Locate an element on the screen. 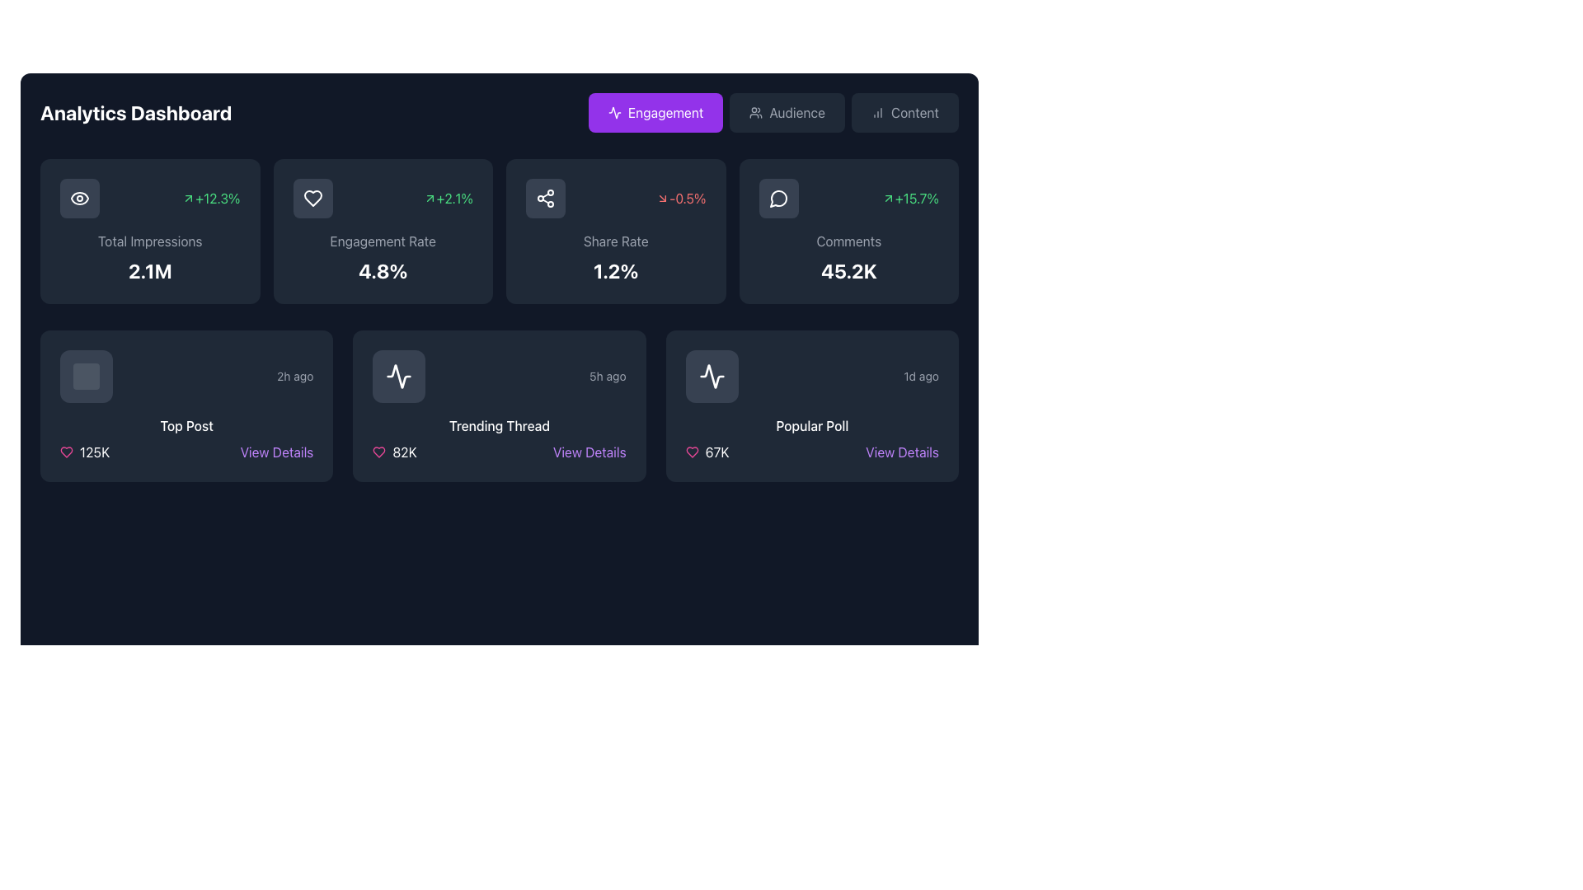 This screenshot has height=890, width=1583. the eye-shaped icon representing visibility, located in the top-left widget of the main dashboard, next to the 'Total Impressions' label is located at coordinates (78, 197).